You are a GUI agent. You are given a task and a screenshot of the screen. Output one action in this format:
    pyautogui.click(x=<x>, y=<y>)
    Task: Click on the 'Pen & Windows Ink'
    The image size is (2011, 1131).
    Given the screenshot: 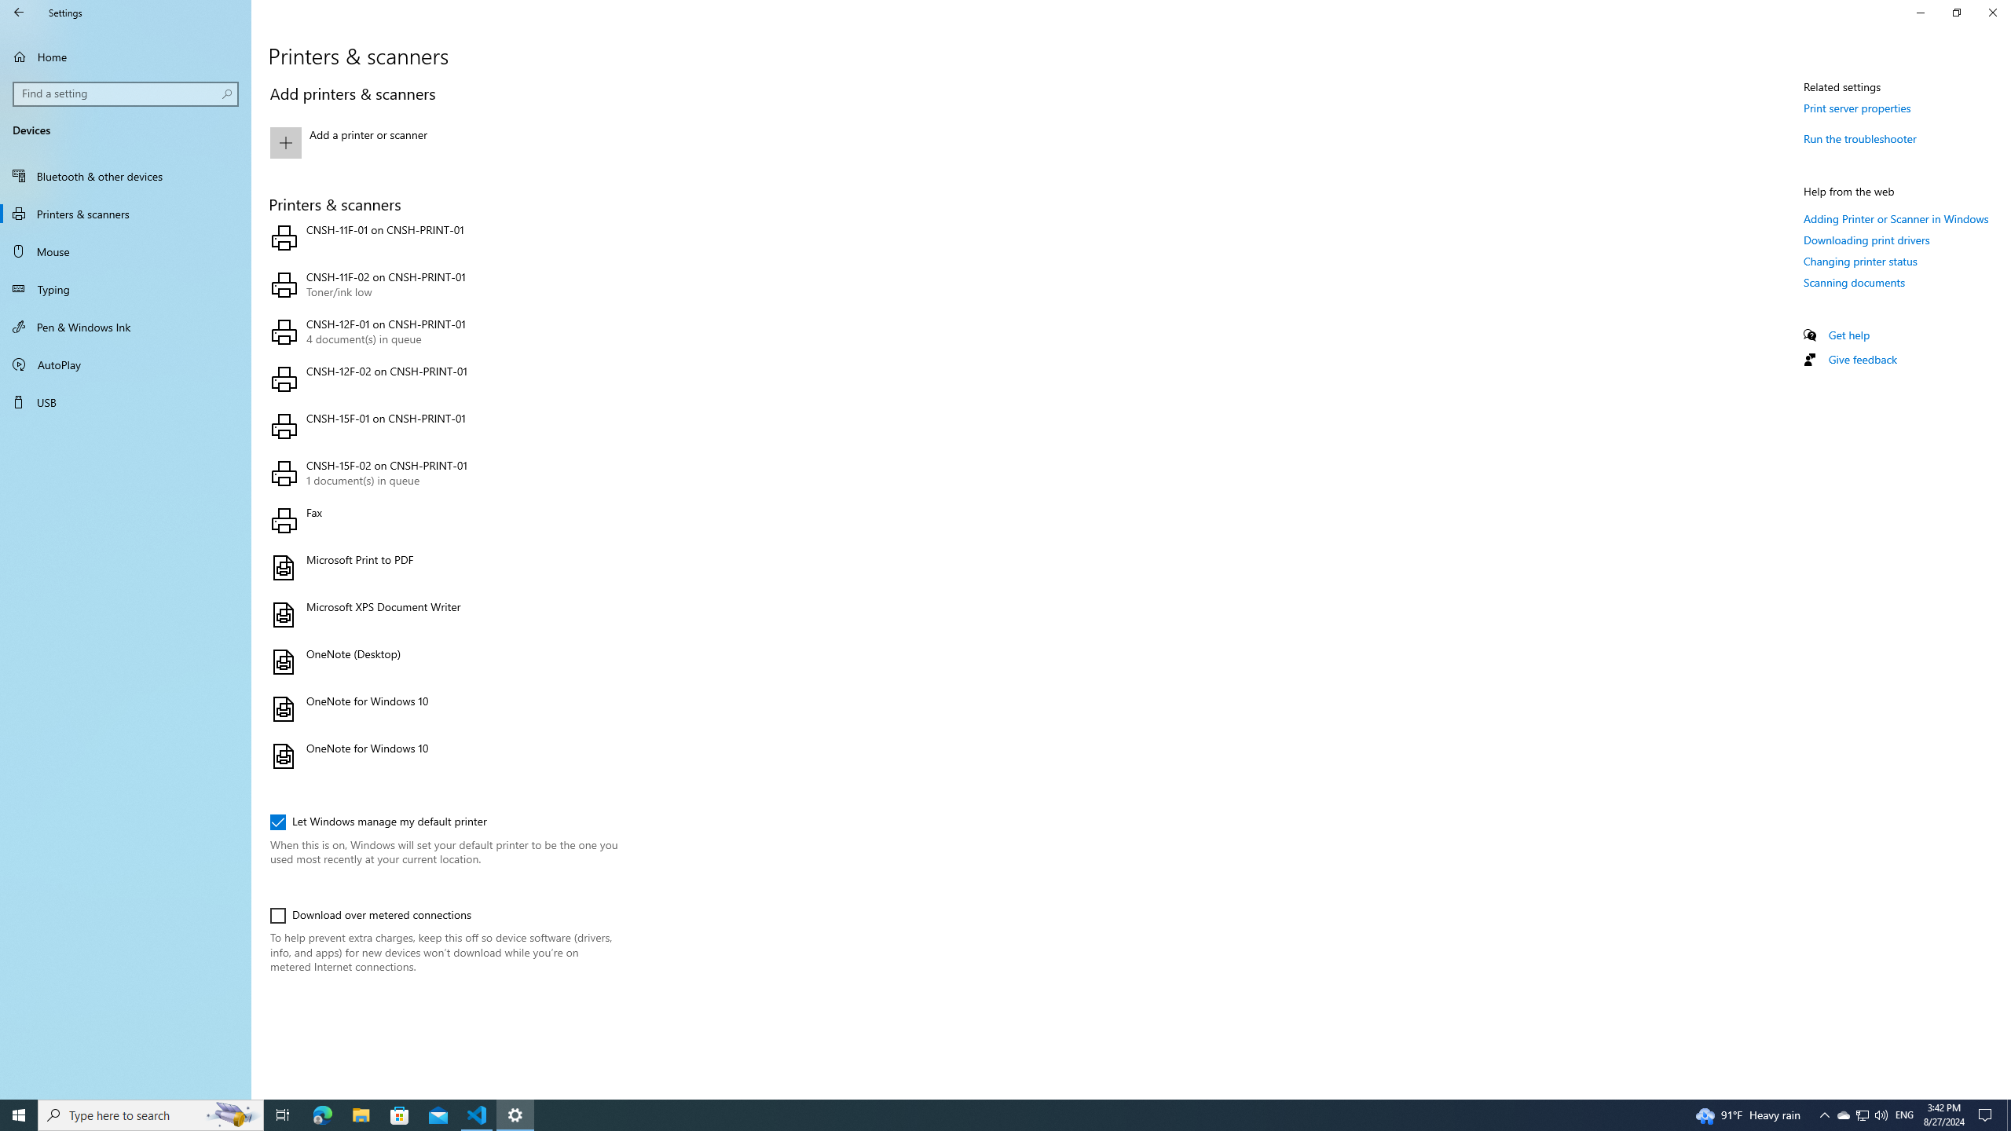 What is the action you would take?
    pyautogui.click(x=125, y=326)
    